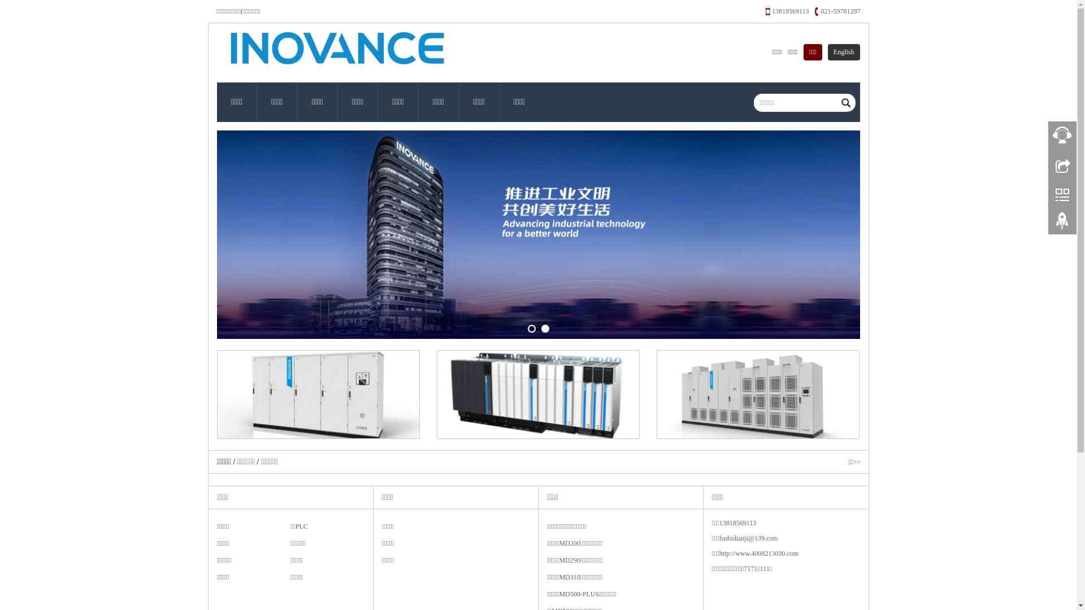 This screenshot has width=1085, height=610. What do you see at coordinates (827, 52) in the screenshot?
I see `'English'` at bounding box center [827, 52].